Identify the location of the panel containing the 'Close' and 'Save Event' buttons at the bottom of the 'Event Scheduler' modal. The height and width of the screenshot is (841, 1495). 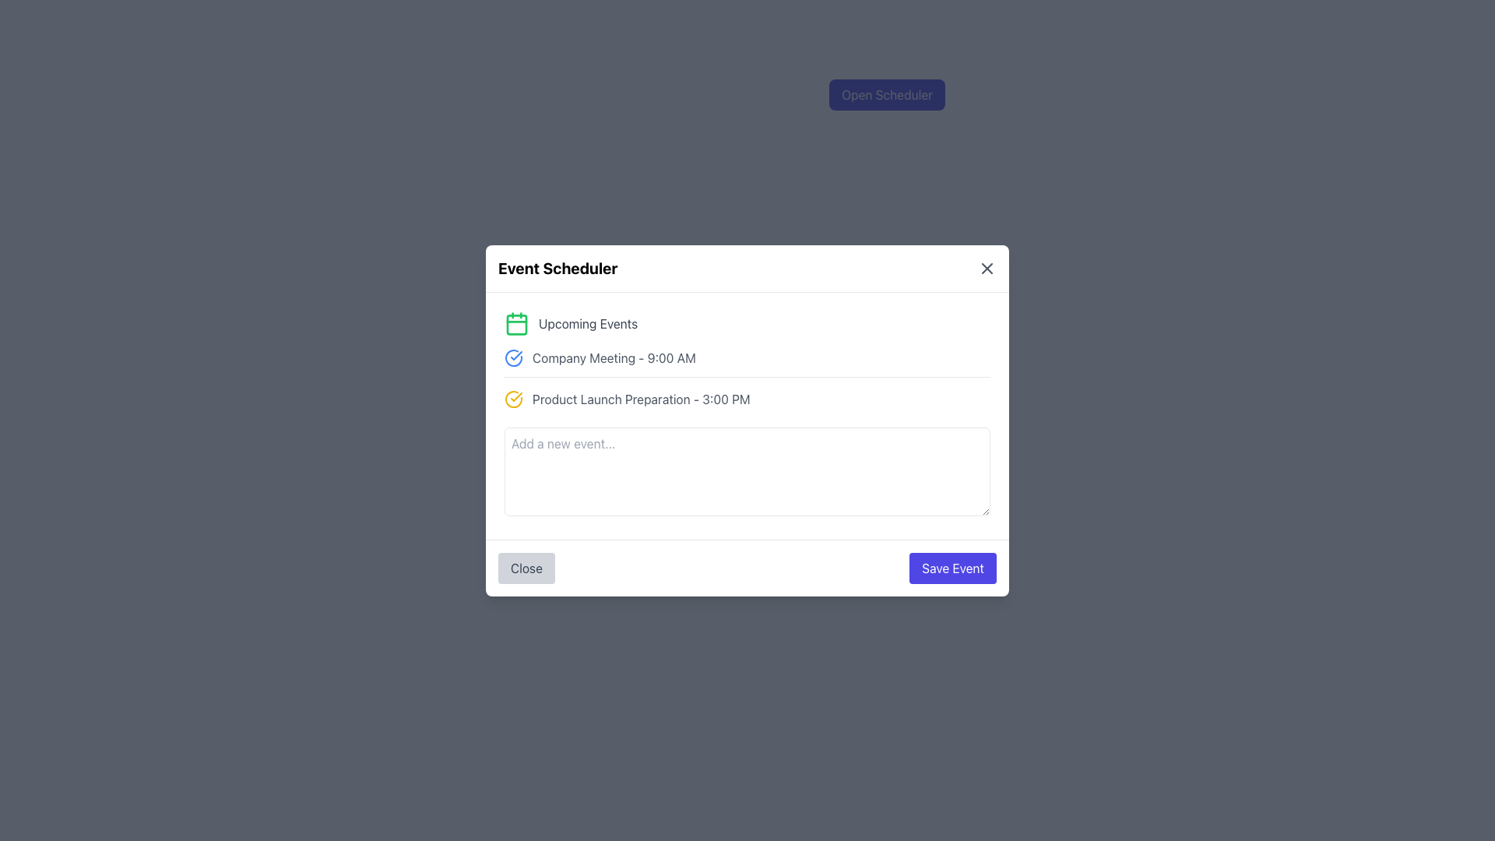
(747, 568).